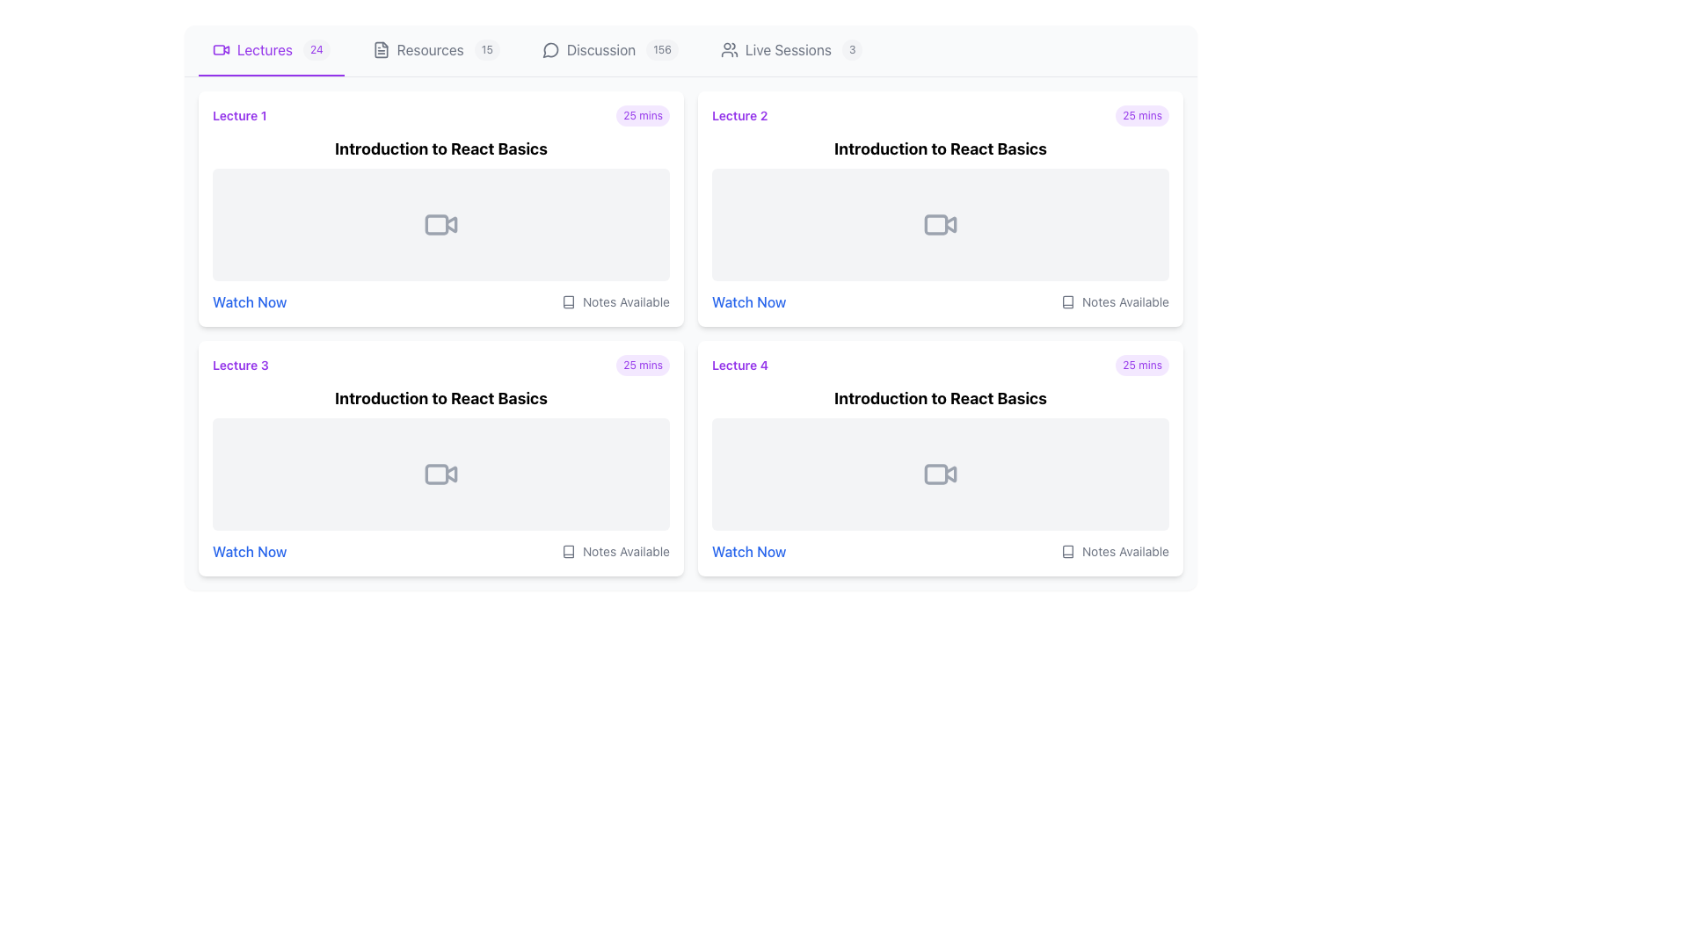 This screenshot has width=1688, height=949. I want to click on the 'Notes Available' text label, which is styled in gray and located in the bottom row of the card, next to the 'Watch Now' label, so click(1125, 301).